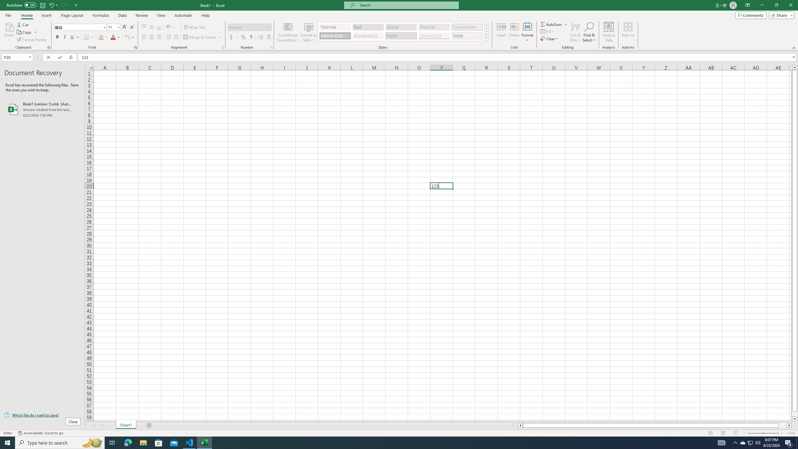  Describe the element at coordinates (65, 37) in the screenshot. I see `'Italic'` at that location.